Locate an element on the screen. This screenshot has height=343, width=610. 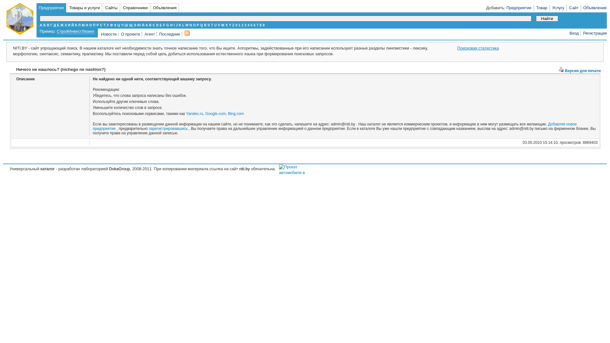
'3' is located at coordinates (244, 24).